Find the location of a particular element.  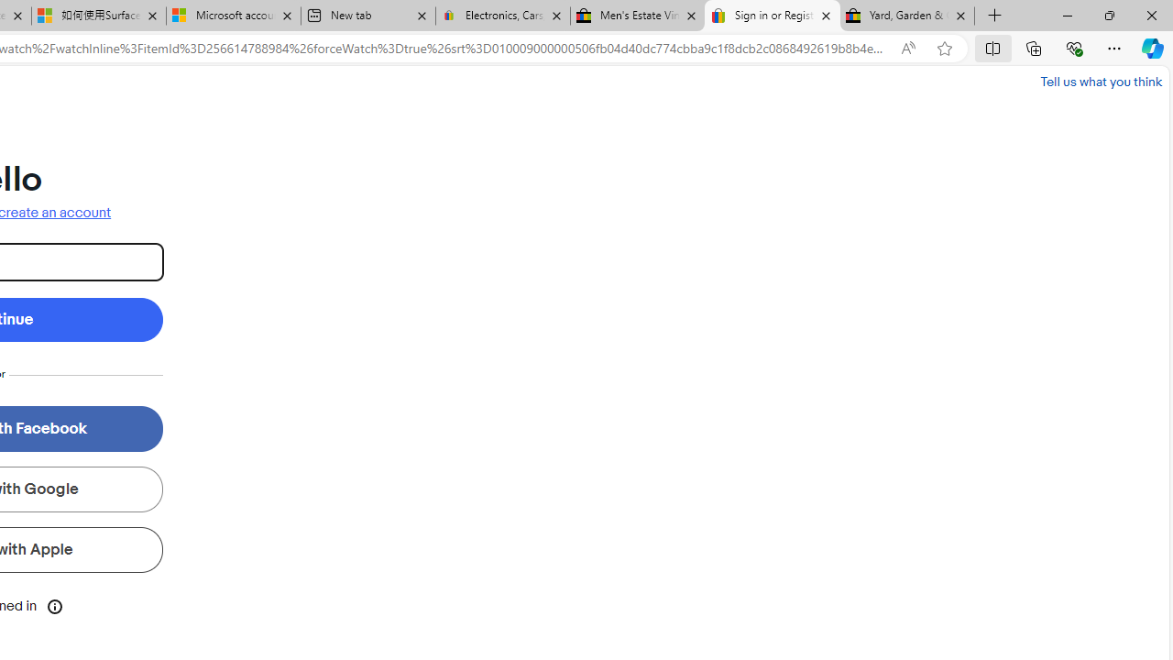

'Microsoft account | Account Checkup' is located at coordinates (232, 16).